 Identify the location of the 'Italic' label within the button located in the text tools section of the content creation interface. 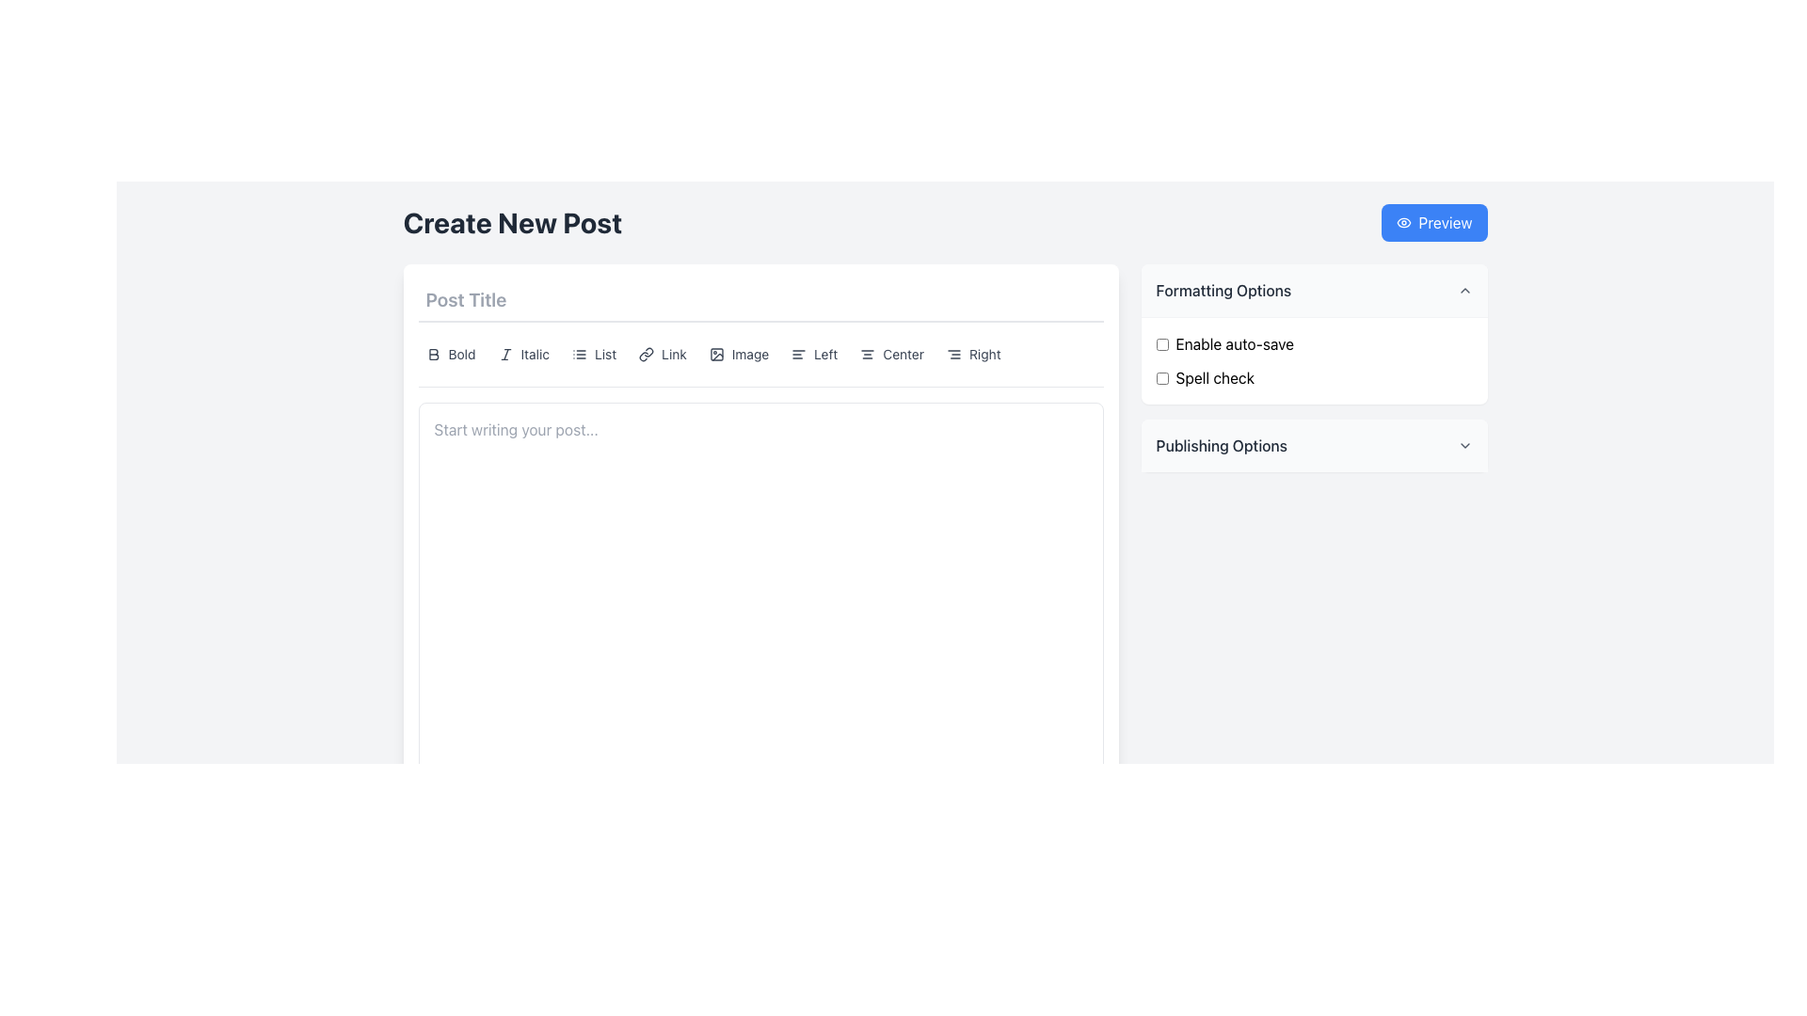
(534, 355).